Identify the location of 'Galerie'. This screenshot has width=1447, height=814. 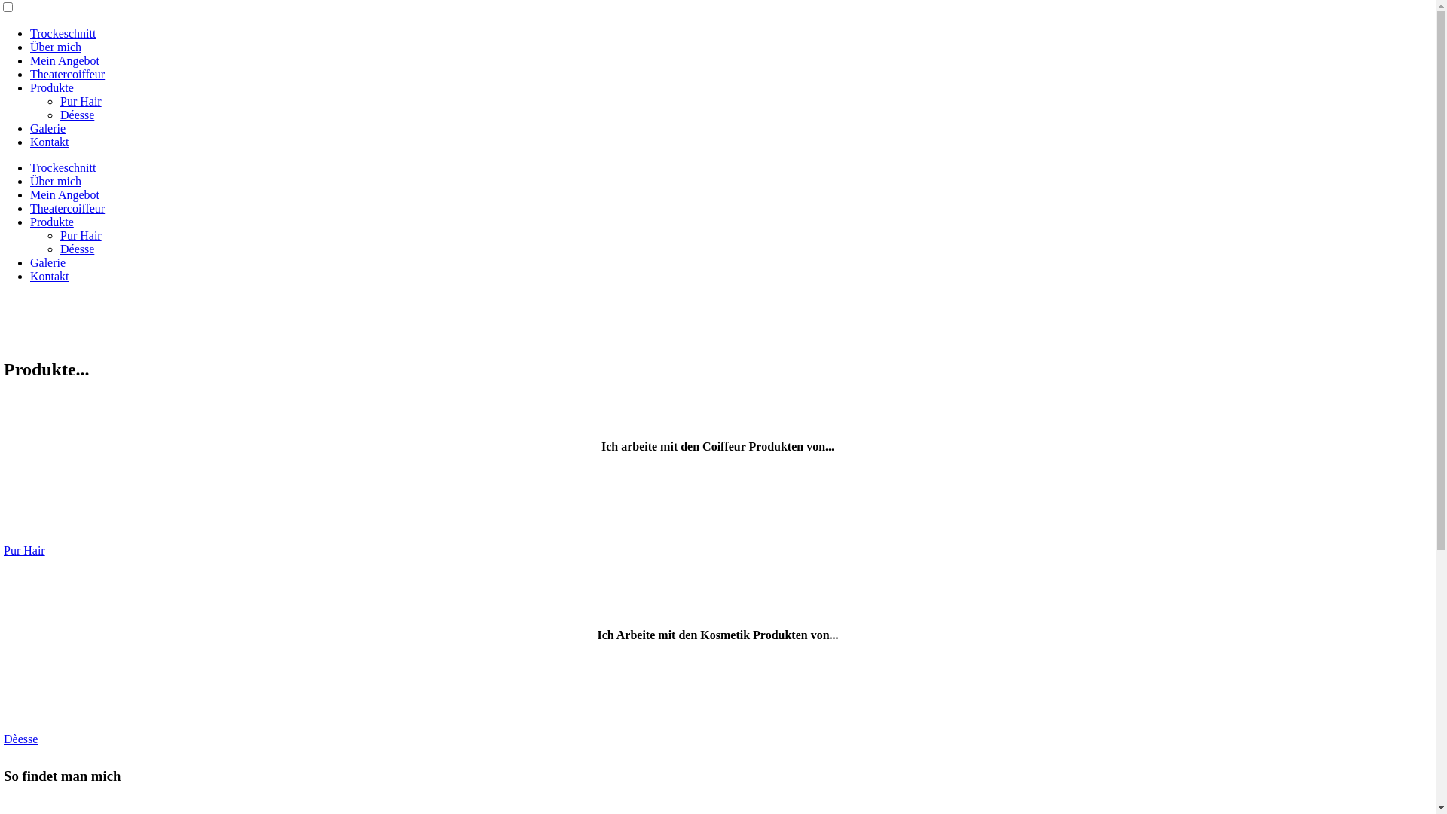
(47, 262).